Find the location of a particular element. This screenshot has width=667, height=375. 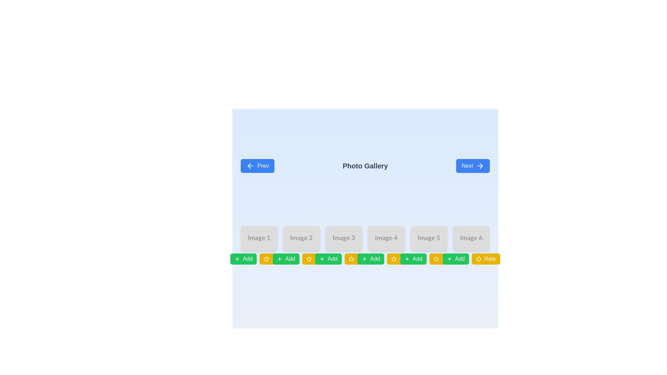

the 'Add' button located beneath the fourth image in a sequence of six images is located at coordinates (370, 259).